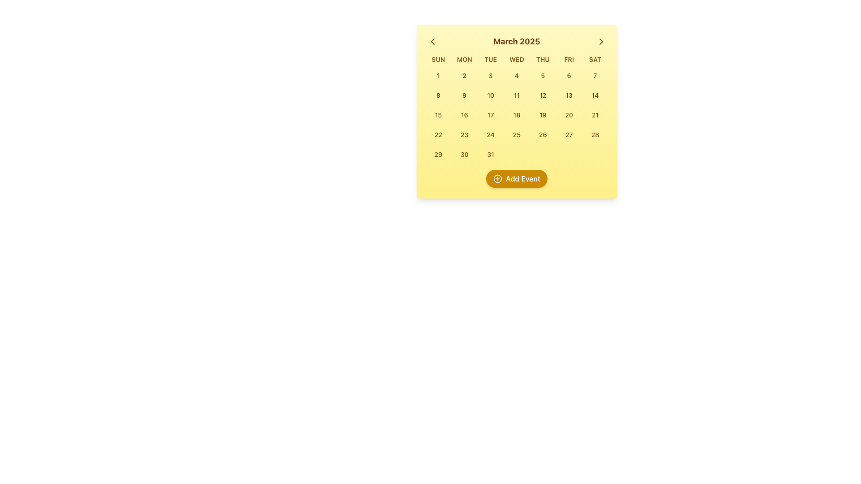 Image resolution: width=861 pixels, height=484 pixels. I want to click on over the calendar date representation for March 20th, 2025, located in the fourth column under the row labeled Friday (FRI), so click(569, 114).